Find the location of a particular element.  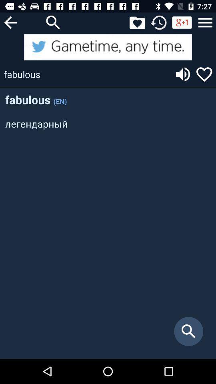

time button is located at coordinates (158, 22).